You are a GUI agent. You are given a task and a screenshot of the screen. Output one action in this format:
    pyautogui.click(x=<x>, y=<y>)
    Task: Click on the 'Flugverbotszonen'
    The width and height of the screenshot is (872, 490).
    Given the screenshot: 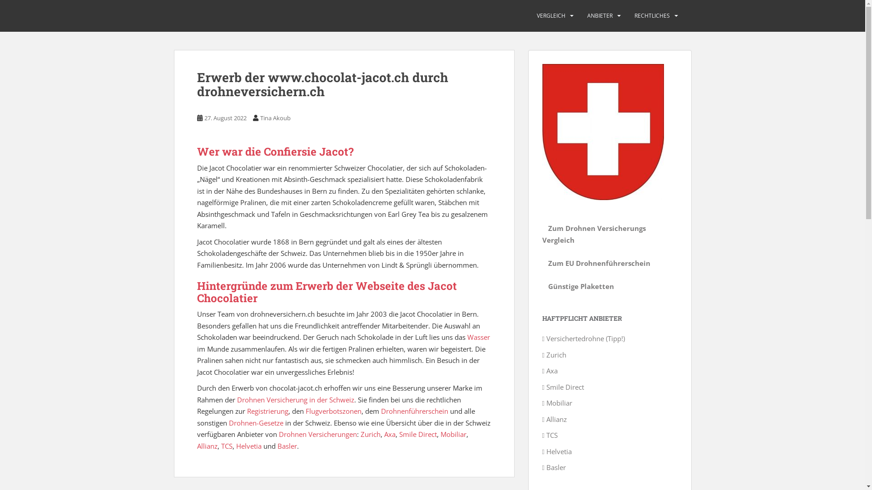 What is the action you would take?
    pyautogui.click(x=332, y=411)
    